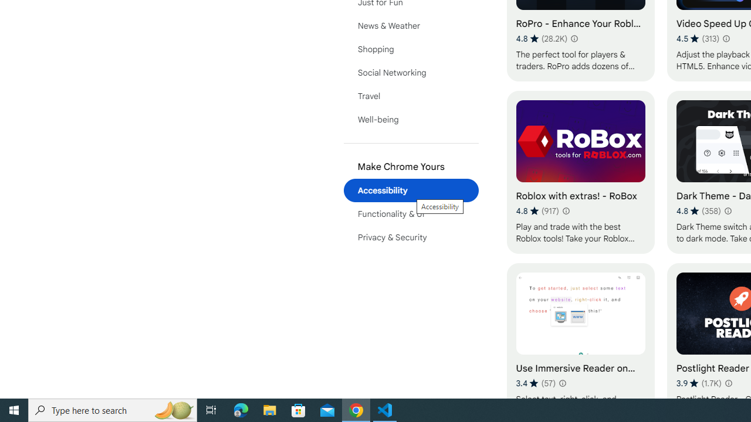  Describe the element at coordinates (698, 211) in the screenshot. I see `'Average rating 4.8 out of 5 stars. 358 ratings.'` at that location.